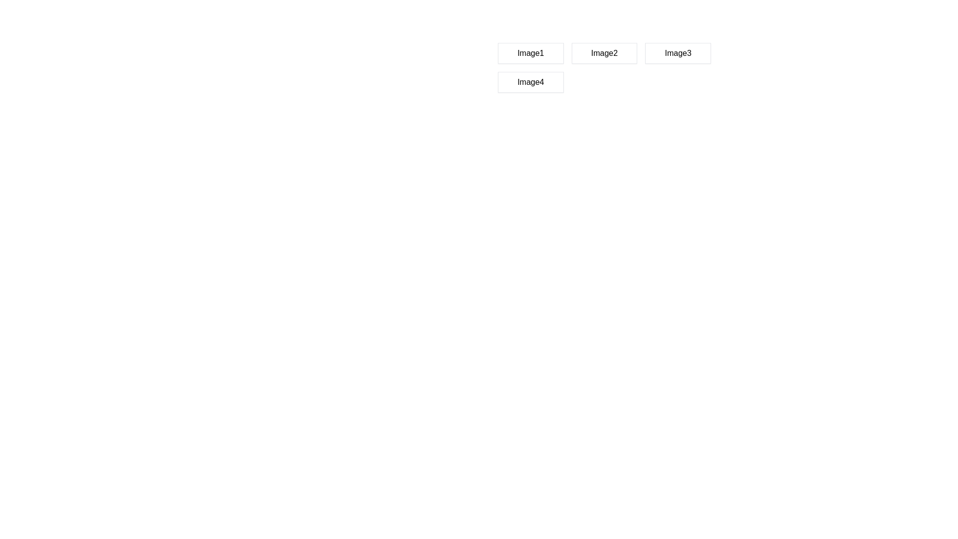 The height and width of the screenshot is (539, 958). I want to click on the button that triggers an event or navigates to 'Image2', positioned, so click(604, 53).